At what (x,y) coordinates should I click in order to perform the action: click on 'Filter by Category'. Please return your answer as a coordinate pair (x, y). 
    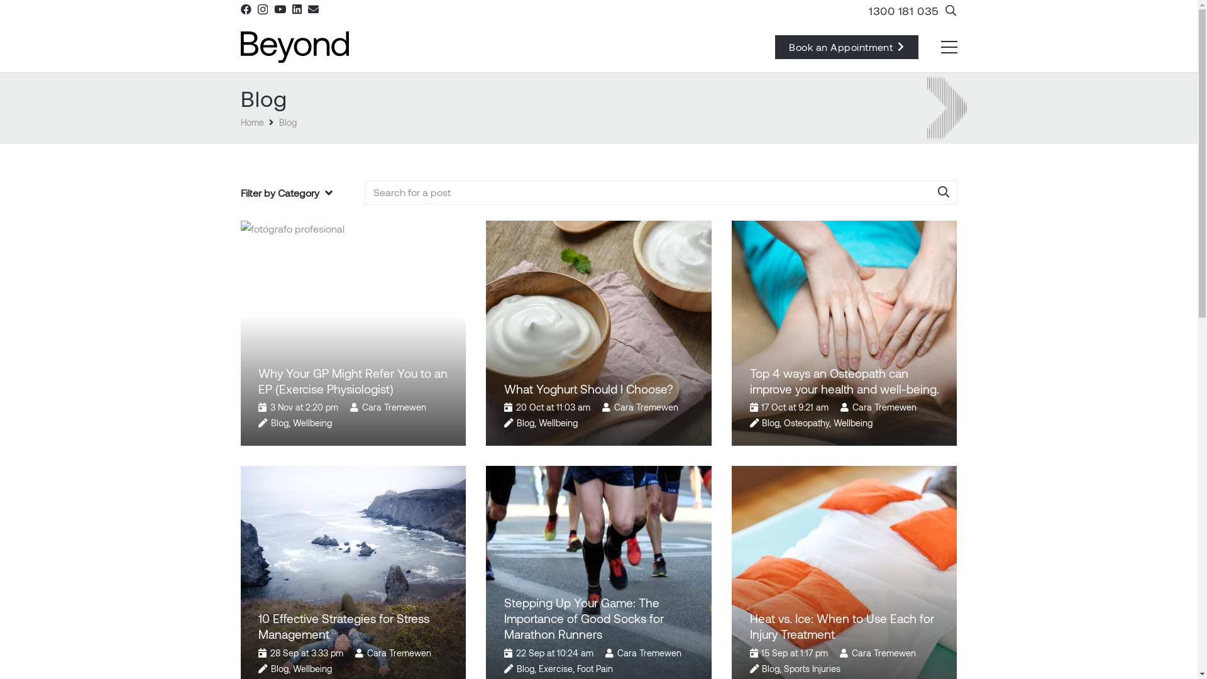
    Looking at the image, I should click on (295, 193).